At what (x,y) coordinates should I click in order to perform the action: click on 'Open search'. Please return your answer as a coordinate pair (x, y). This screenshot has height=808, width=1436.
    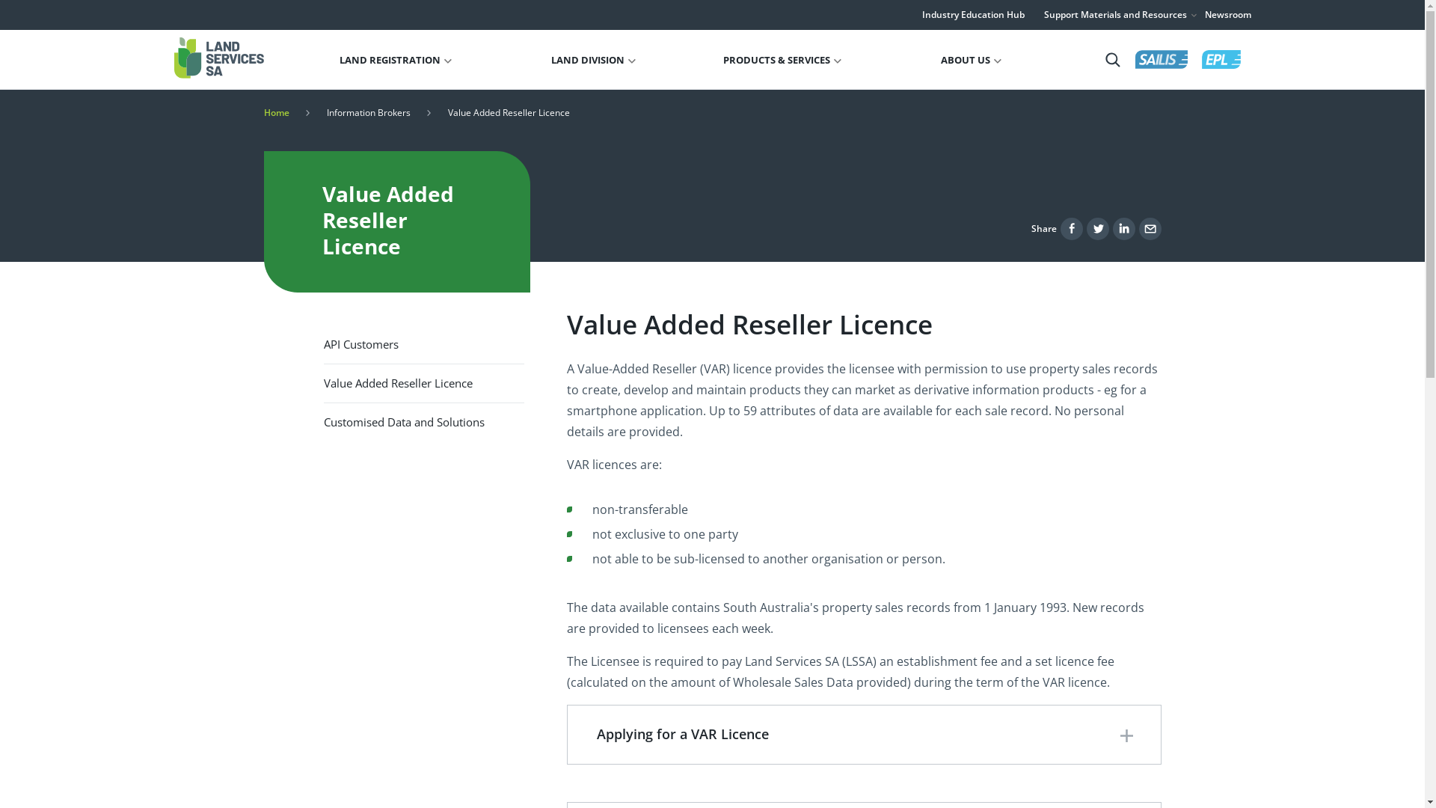
    Looking at the image, I should click on (1112, 58).